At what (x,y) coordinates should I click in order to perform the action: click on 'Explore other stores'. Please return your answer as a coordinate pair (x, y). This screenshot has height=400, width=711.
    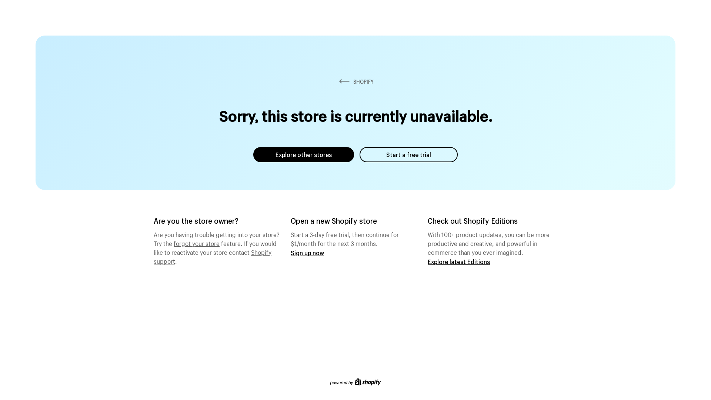
    Looking at the image, I should click on (304, 154).